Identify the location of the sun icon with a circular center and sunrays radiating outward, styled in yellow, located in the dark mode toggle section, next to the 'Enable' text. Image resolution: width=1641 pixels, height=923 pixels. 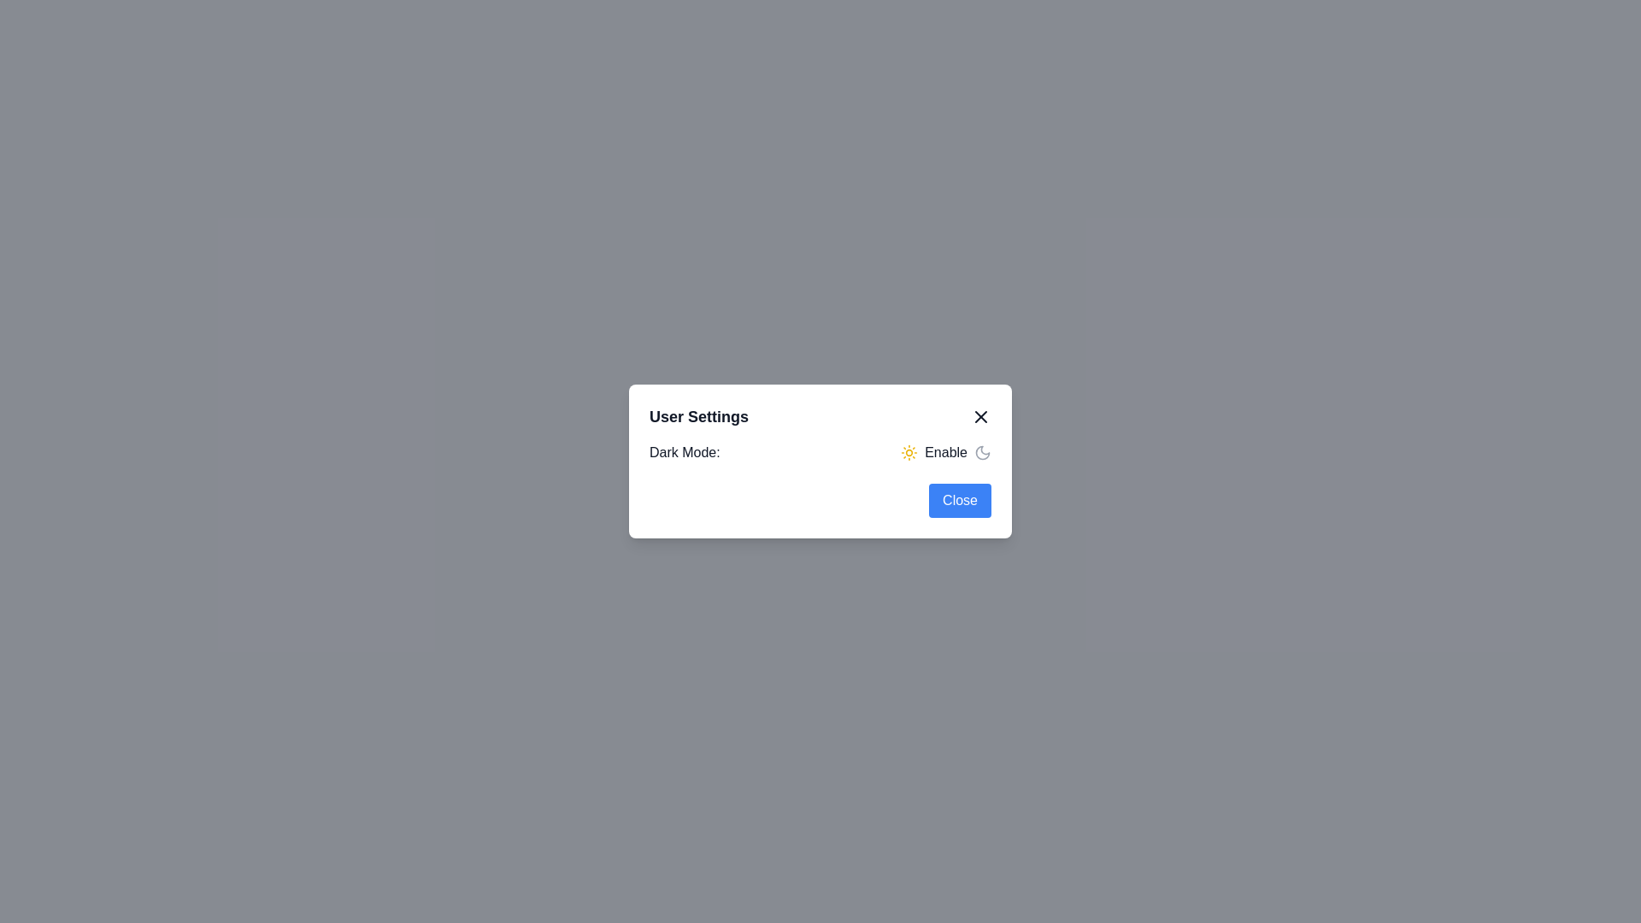
(909, 451).